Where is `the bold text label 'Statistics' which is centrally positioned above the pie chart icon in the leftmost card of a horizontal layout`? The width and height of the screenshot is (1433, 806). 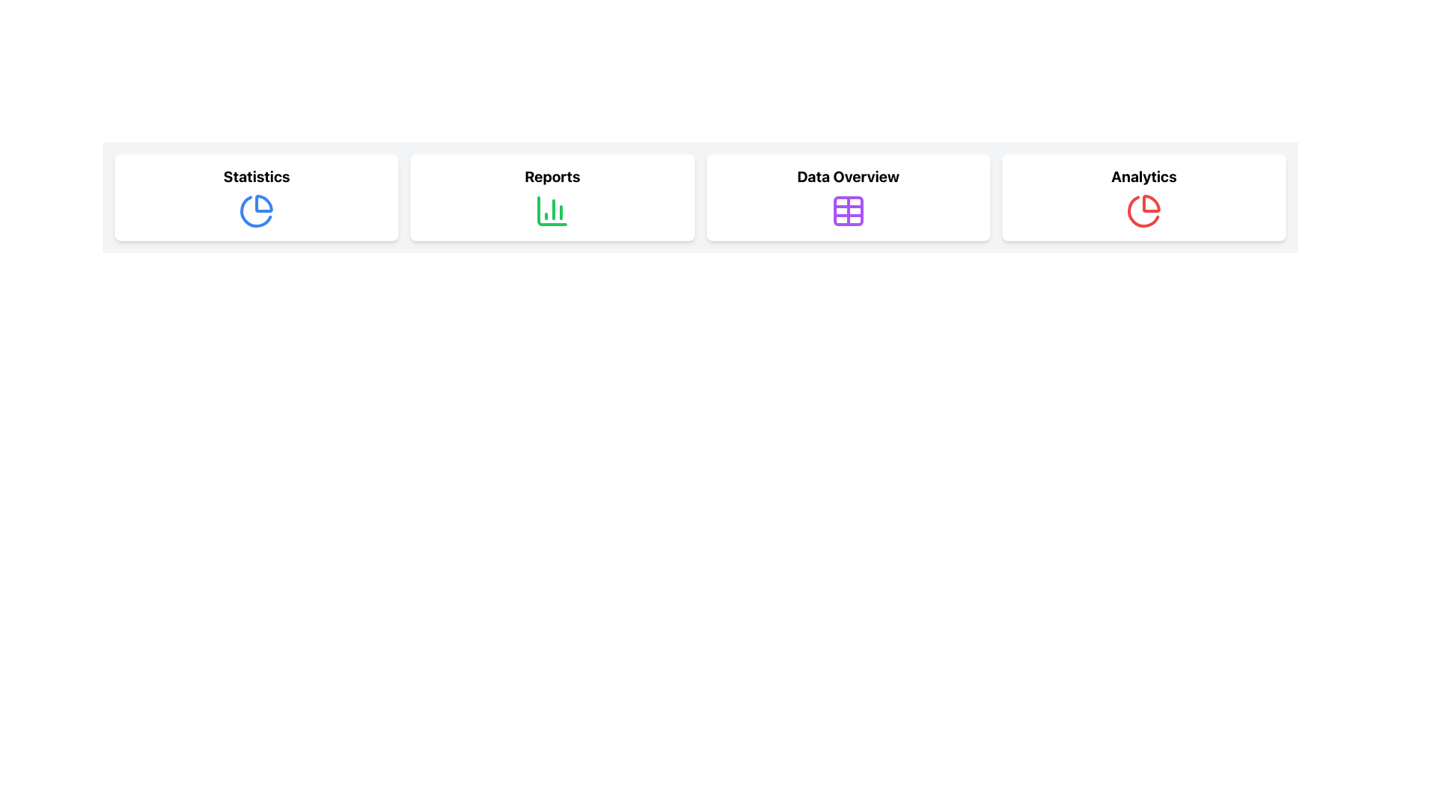 the bold text label 'Statistics' which is centrally positioned above the pie chart icon in the leftmost card of a horizontal layout is located at coordinates (257, 175).